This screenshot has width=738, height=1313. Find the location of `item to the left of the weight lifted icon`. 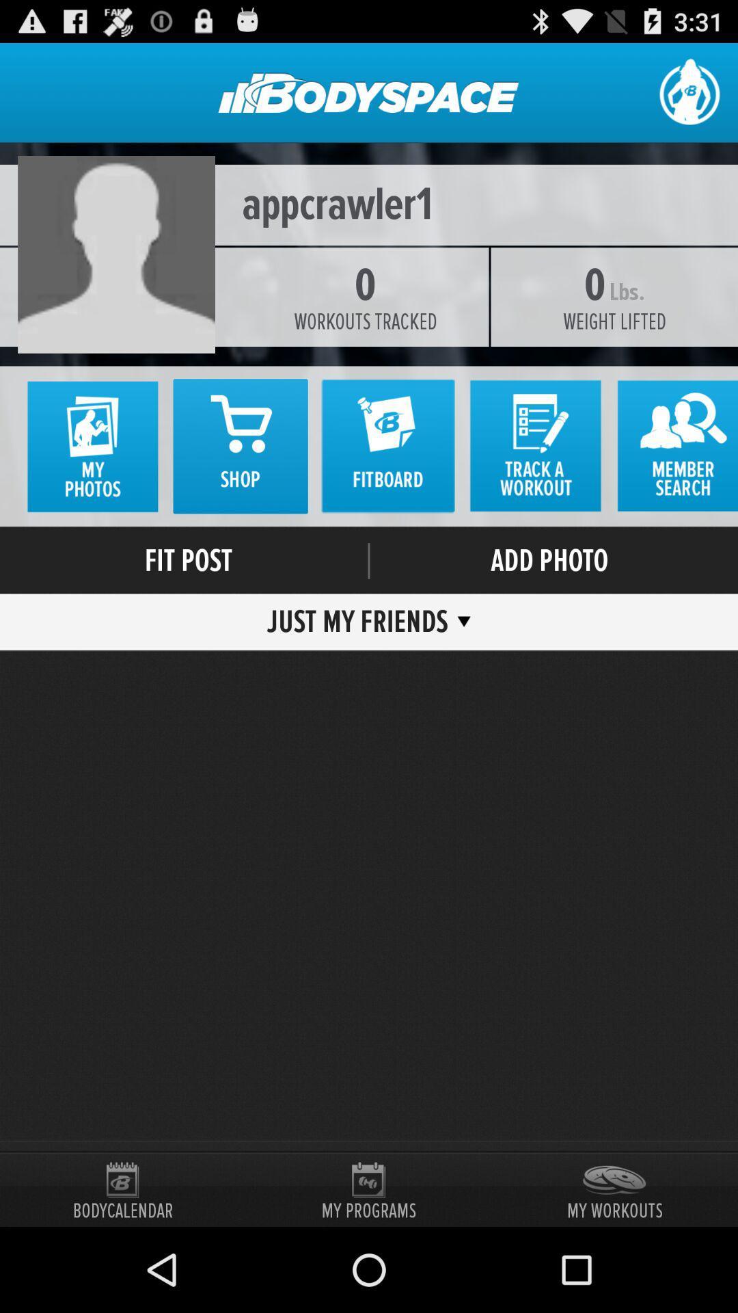

item to the left of the weight lifted icon is located at coordinates (365, 321).